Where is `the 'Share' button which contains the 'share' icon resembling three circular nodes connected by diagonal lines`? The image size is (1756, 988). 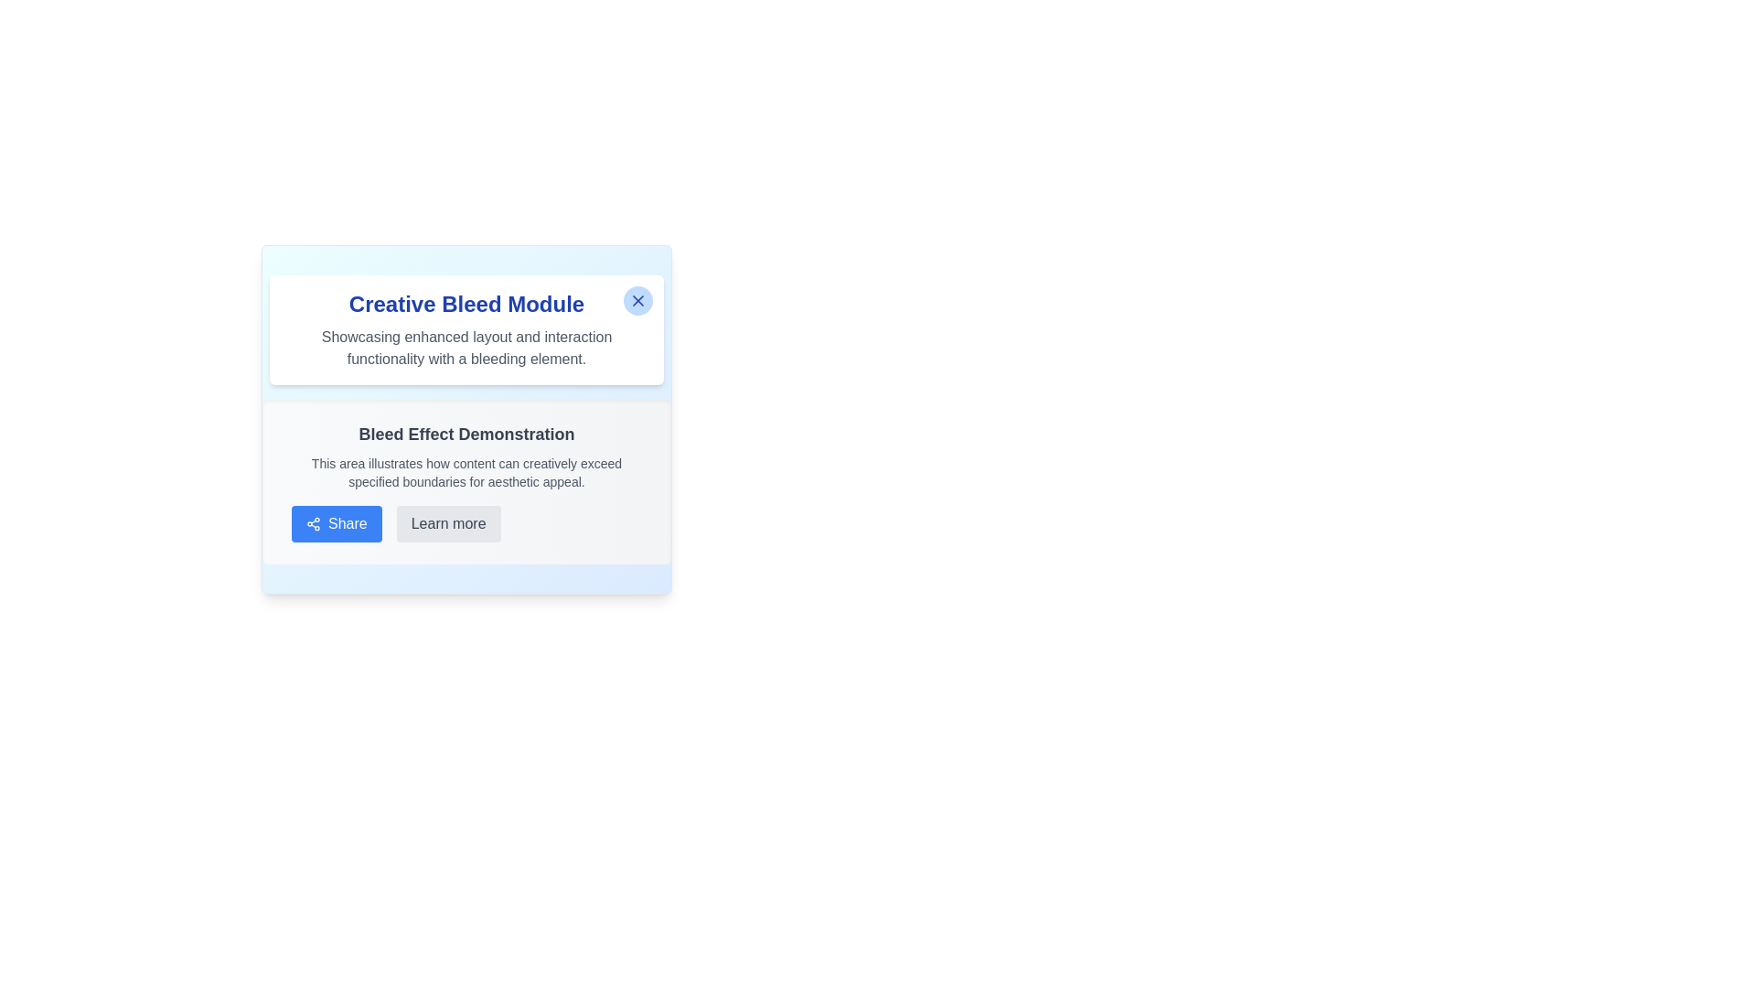
the 'Share' button which contains the 'share' icon resembling three circular nodes connected by diagonal lines is located at coordinates (313, 524).